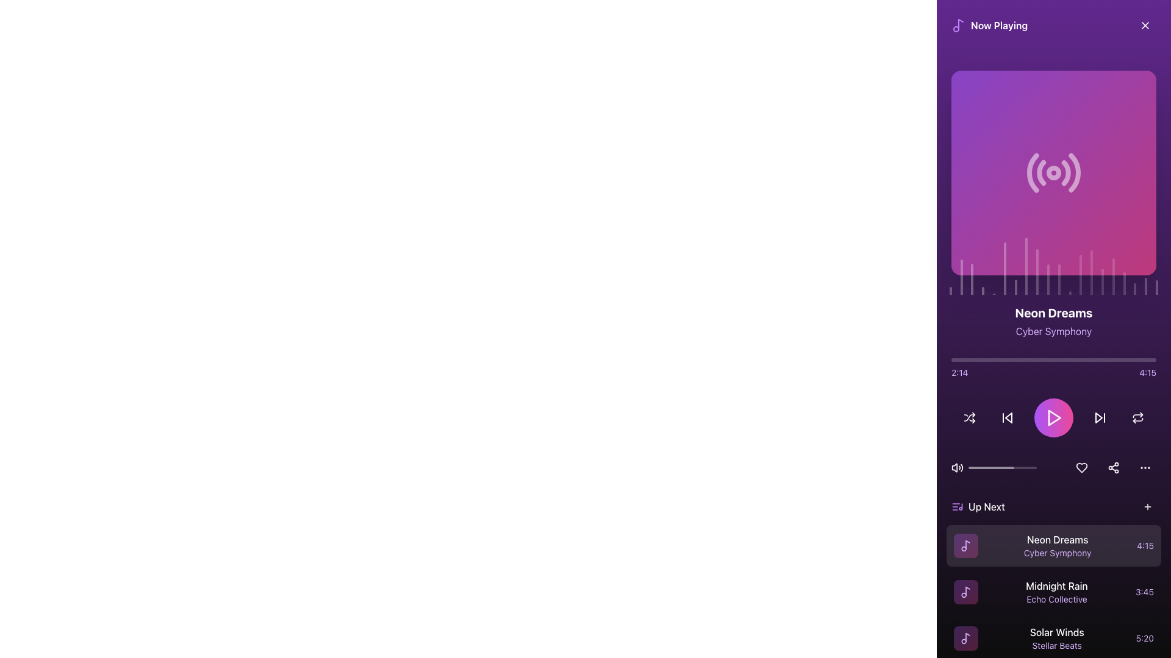 The height and width of the screenshot is (658, 1171). I want to click on the circular button with a gradient from purple, so click(1053, 417).